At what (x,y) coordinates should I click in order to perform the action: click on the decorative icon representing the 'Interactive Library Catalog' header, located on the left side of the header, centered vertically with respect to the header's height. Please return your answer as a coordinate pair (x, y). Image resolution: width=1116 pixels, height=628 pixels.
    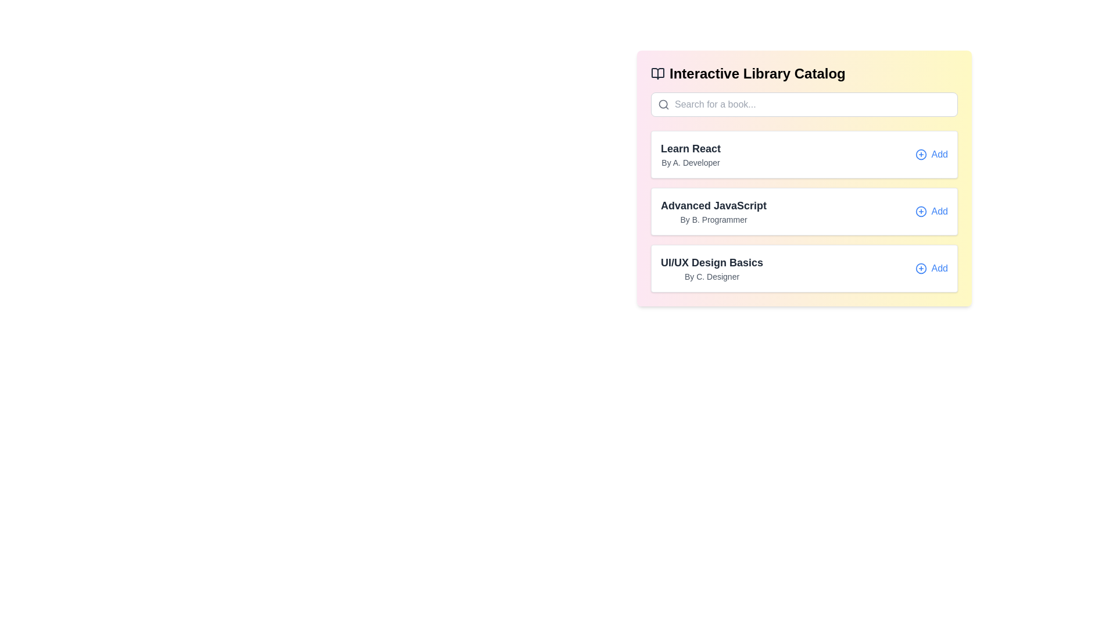
    Looking at the image, I should click on (658, 74).